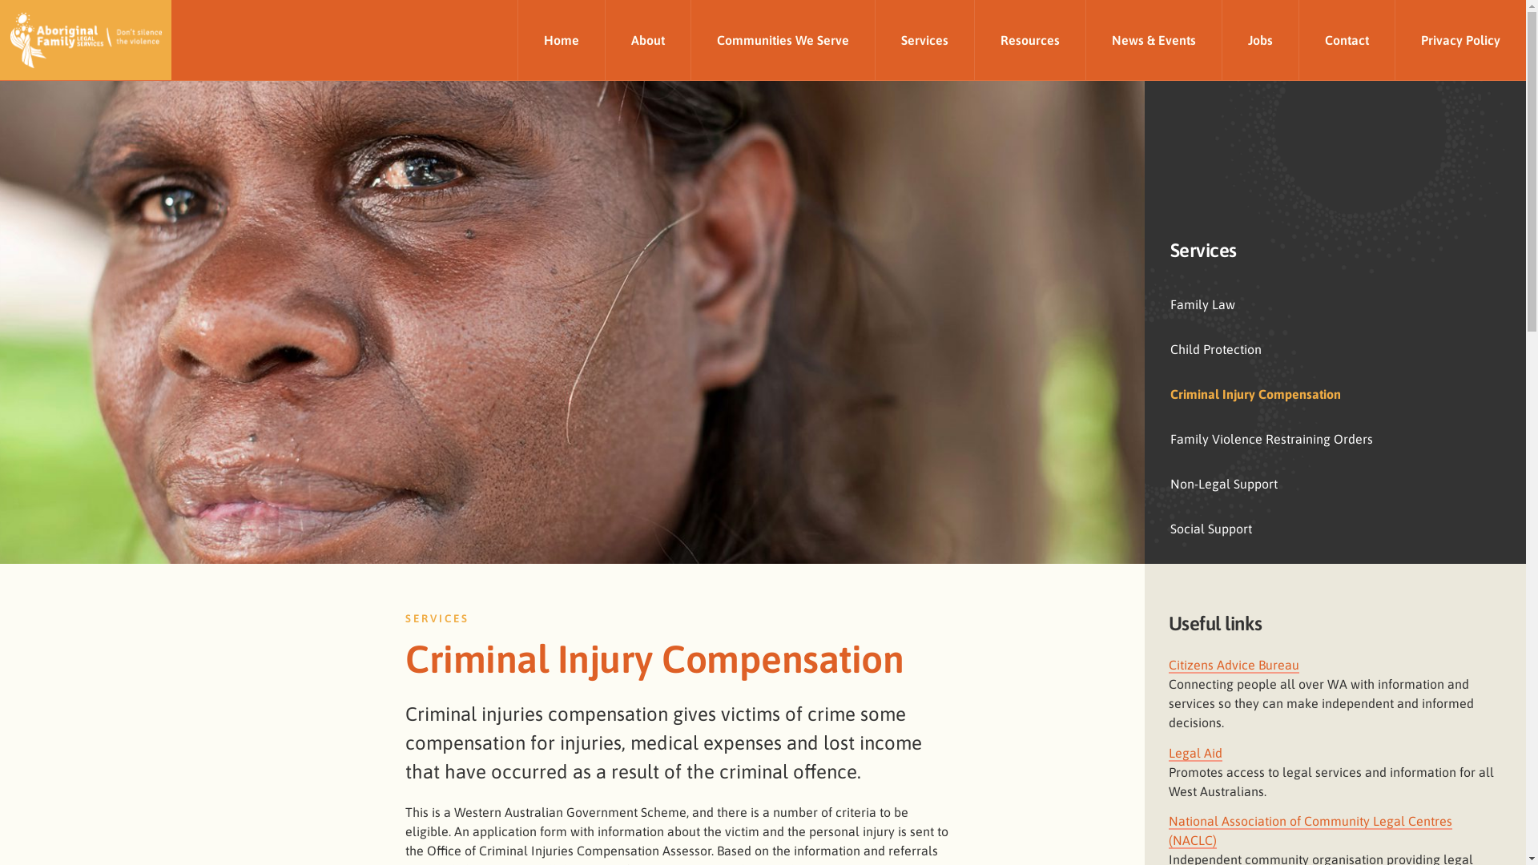  I want to click on 'Communities We Serve', so click(783, 39).